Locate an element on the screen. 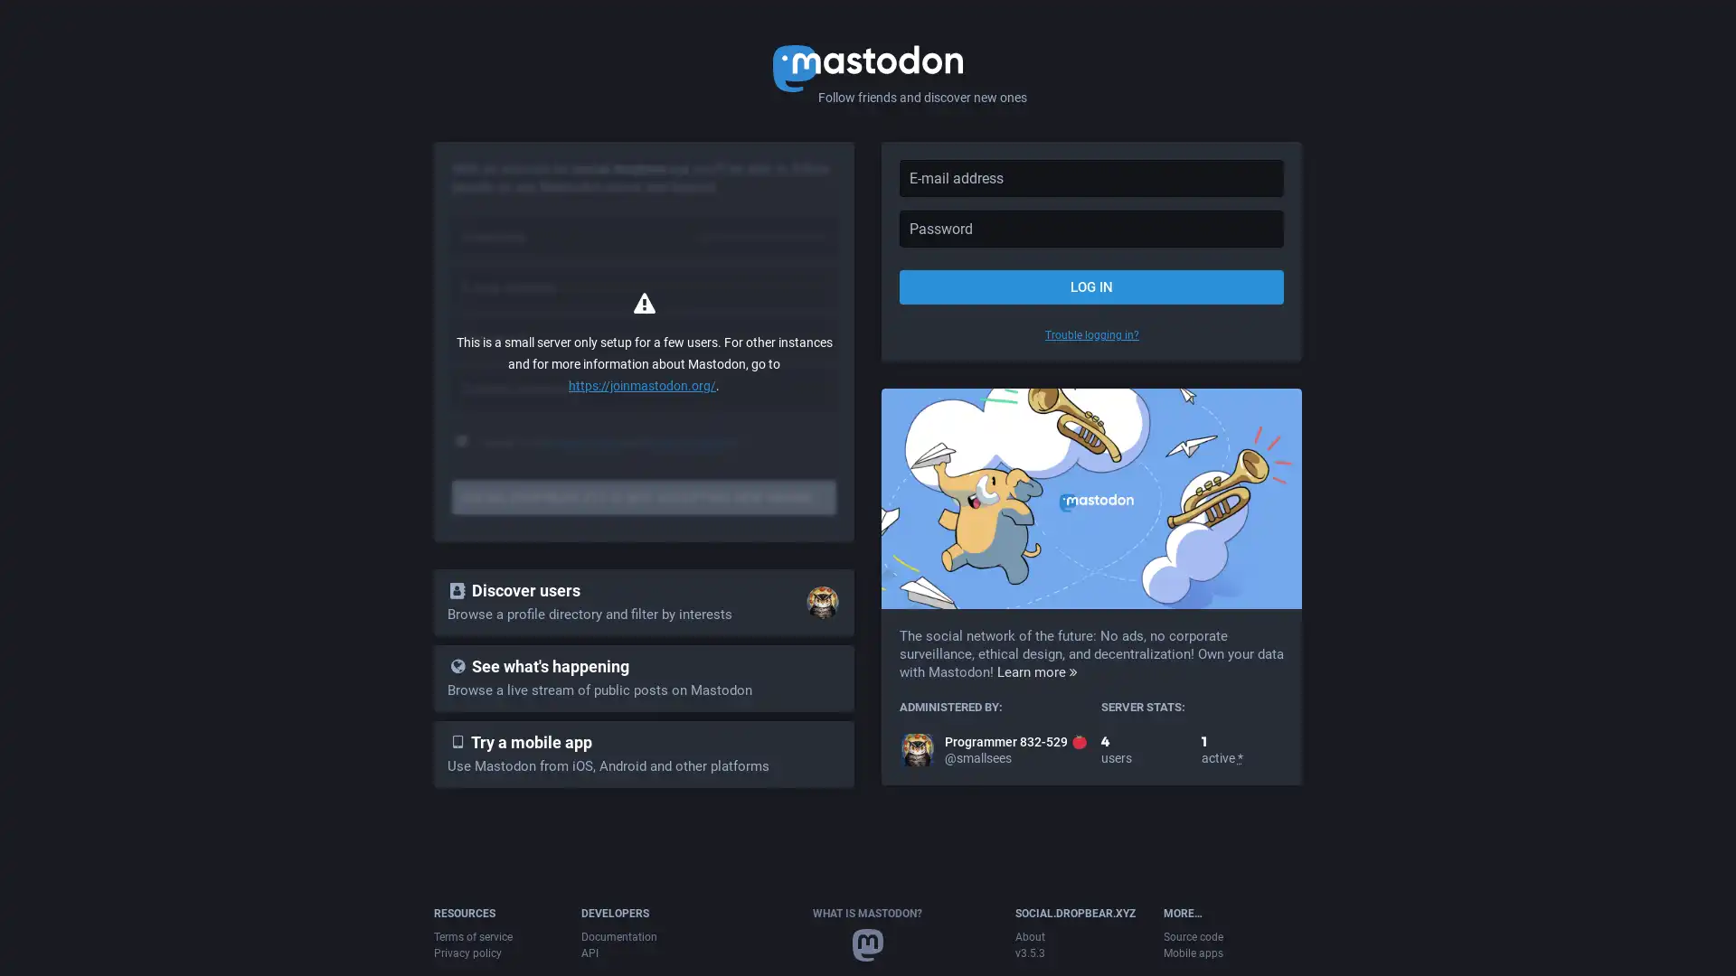  LOG IN is located at coordinates (1090, 286).